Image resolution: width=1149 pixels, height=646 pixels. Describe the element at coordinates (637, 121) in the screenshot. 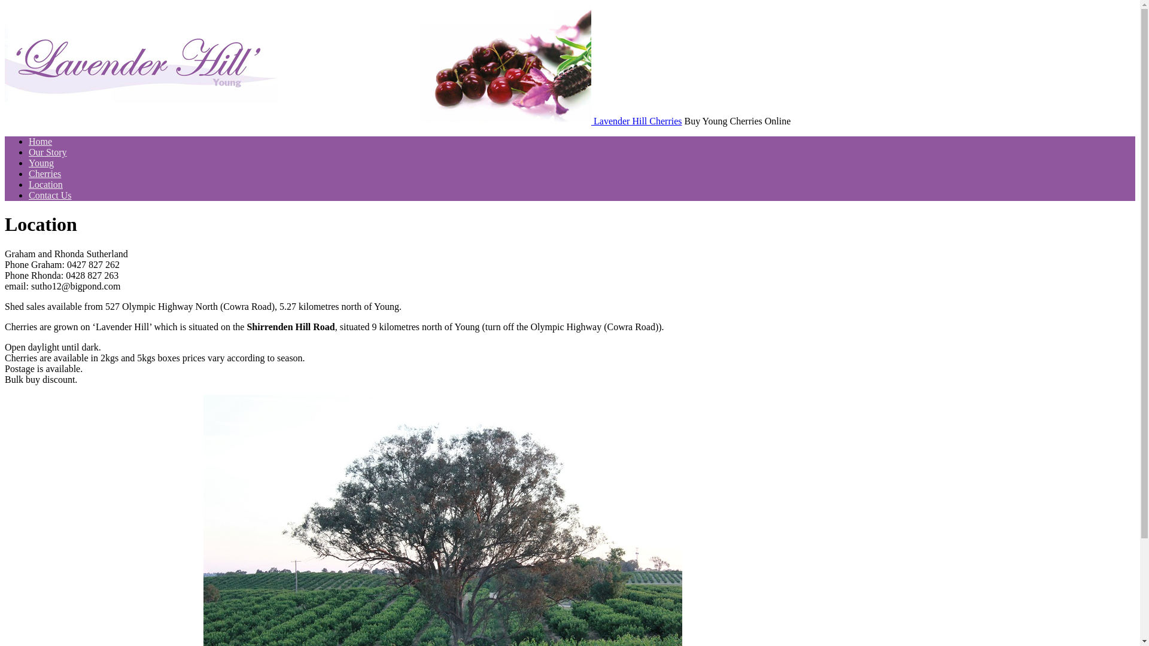

I see `'Lavender Hill Cherries'` at that location.